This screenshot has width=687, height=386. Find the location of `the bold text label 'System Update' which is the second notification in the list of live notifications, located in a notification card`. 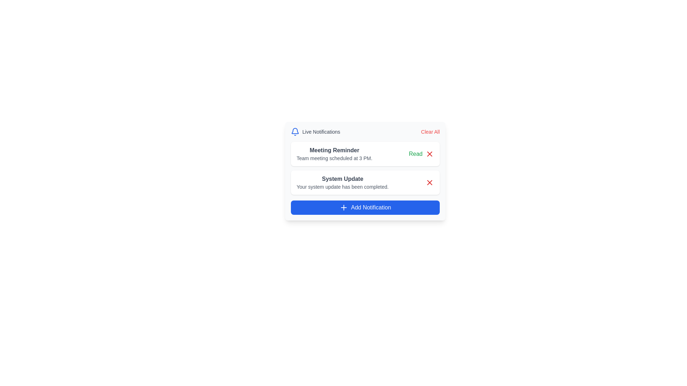

the bold text label 'System Update' which is the second notification in the list of live notifications, located in a notification card is located at coordinates (342, 179).